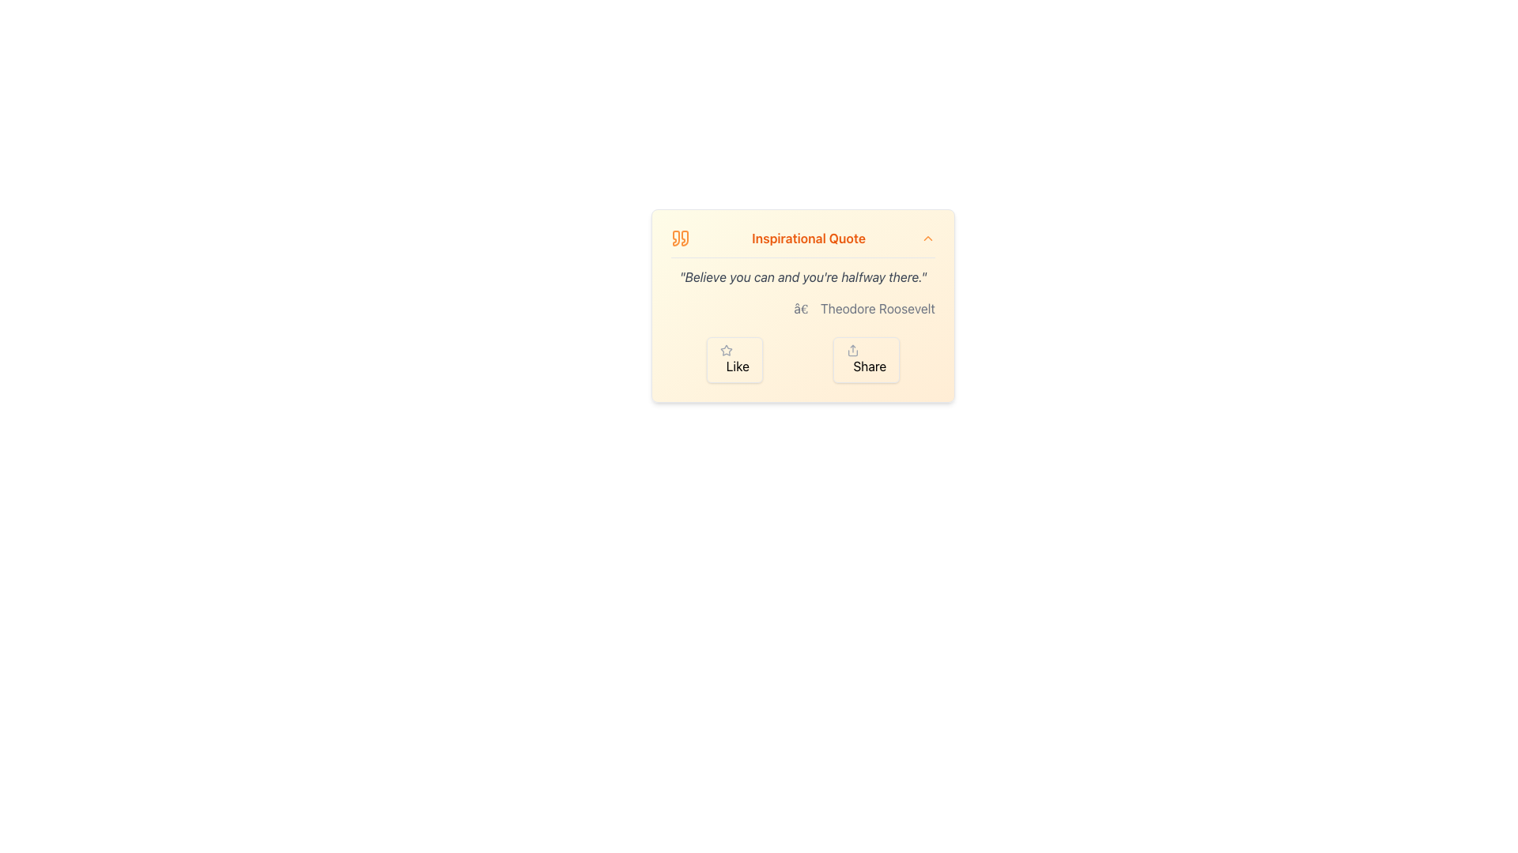 The width and height of the screenshot is (1518, 853). What do you see at coordinates (869, 366) in the screenshot?
I see `the button adjacent to the 'Share' text label` at bounding box center [869, 366].